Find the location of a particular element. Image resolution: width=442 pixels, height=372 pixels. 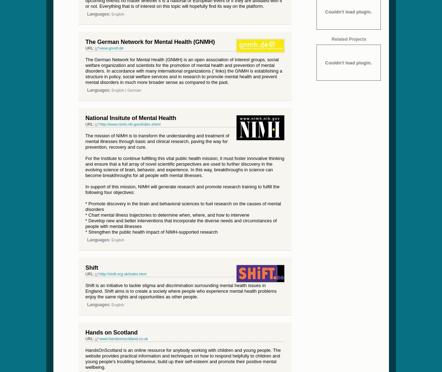

'http://www.nimh.nih.gov/index.shtml' is located at coordinates (129, 124).